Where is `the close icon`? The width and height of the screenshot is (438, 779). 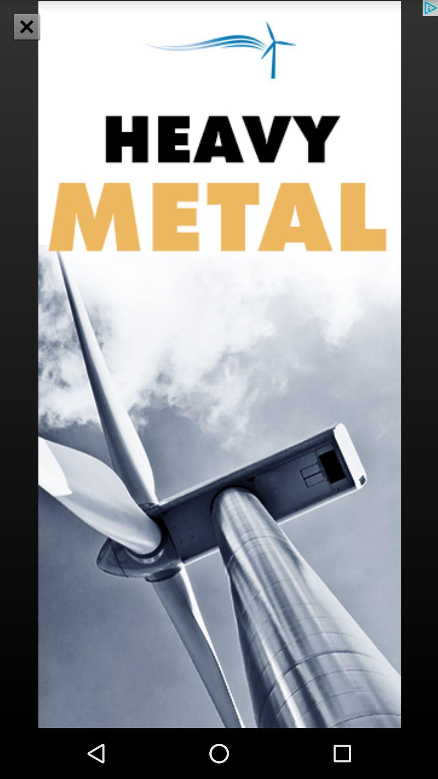 the close icon is located at coordinates (26, 28).